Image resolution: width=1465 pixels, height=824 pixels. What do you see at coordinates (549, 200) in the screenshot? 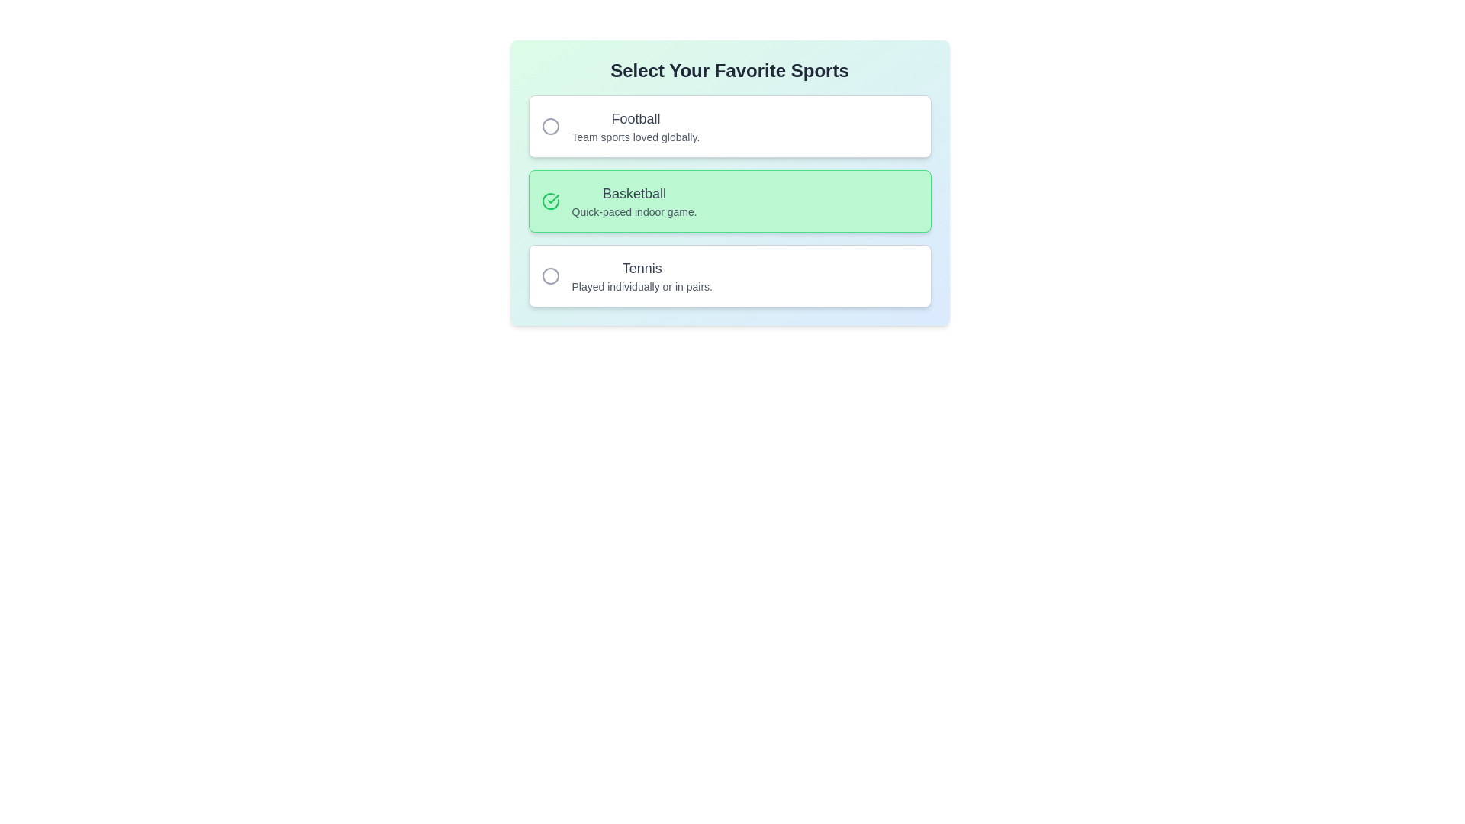
I see `the outer circular portion of the SVG checkmark icon within the 'Basketball' selection box to indicate selection` at bounding box center [549, 200].